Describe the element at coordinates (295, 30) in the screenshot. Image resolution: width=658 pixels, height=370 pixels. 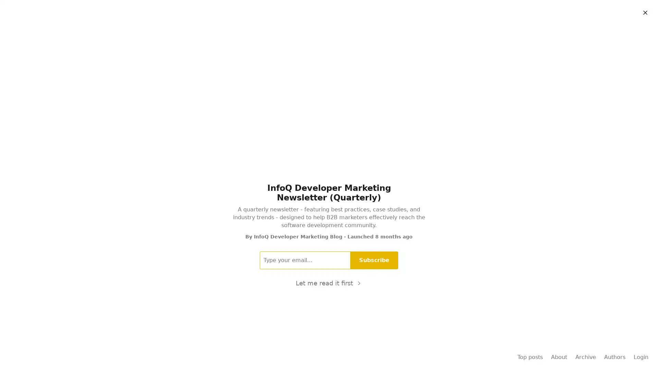
I see `Media Kit` at that location.